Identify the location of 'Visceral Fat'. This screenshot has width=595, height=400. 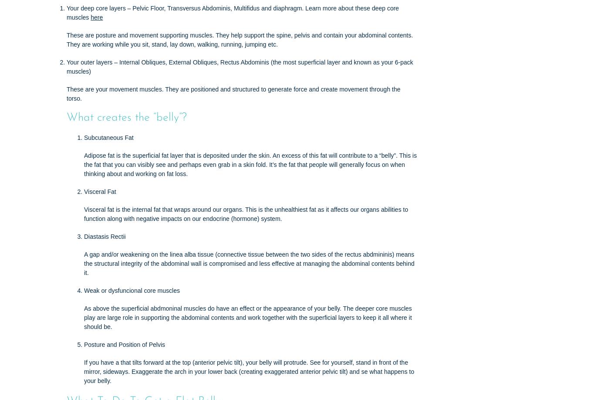
(100, 190).